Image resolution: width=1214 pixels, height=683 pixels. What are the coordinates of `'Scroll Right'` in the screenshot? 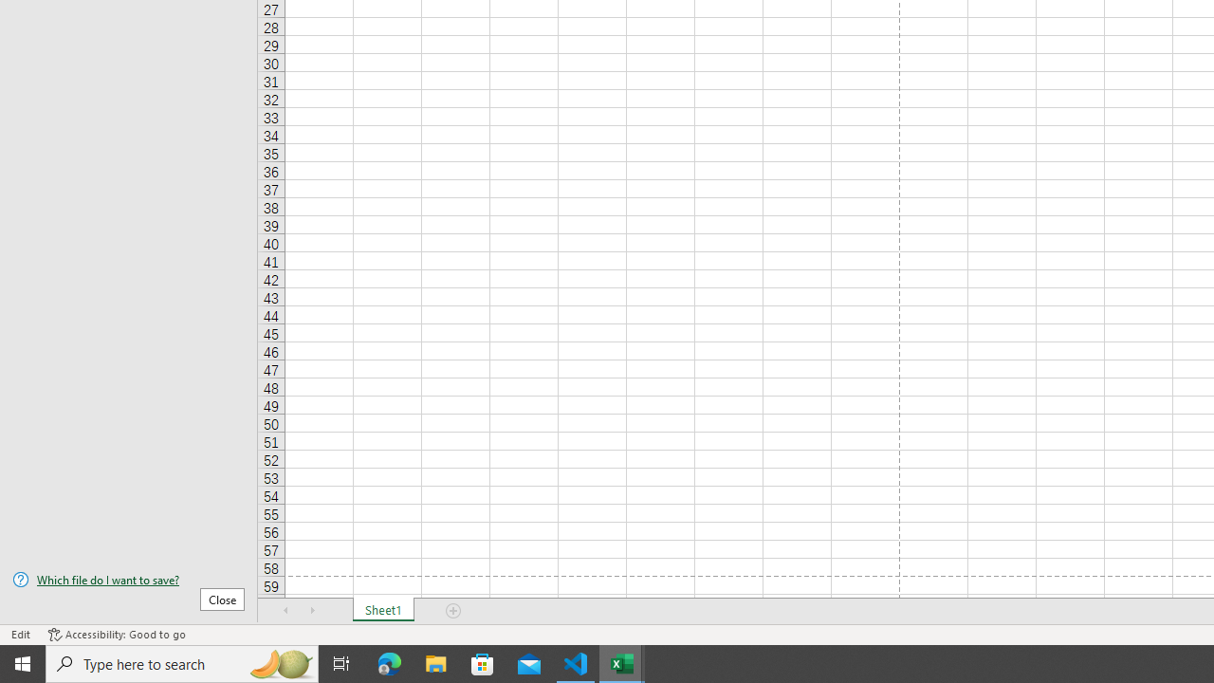 It's located at (313, 611).